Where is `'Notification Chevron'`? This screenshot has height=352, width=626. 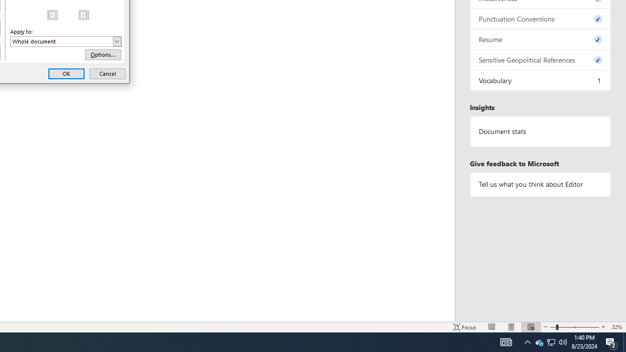 'Notification Chevron' is located at coordinates (527, 341).